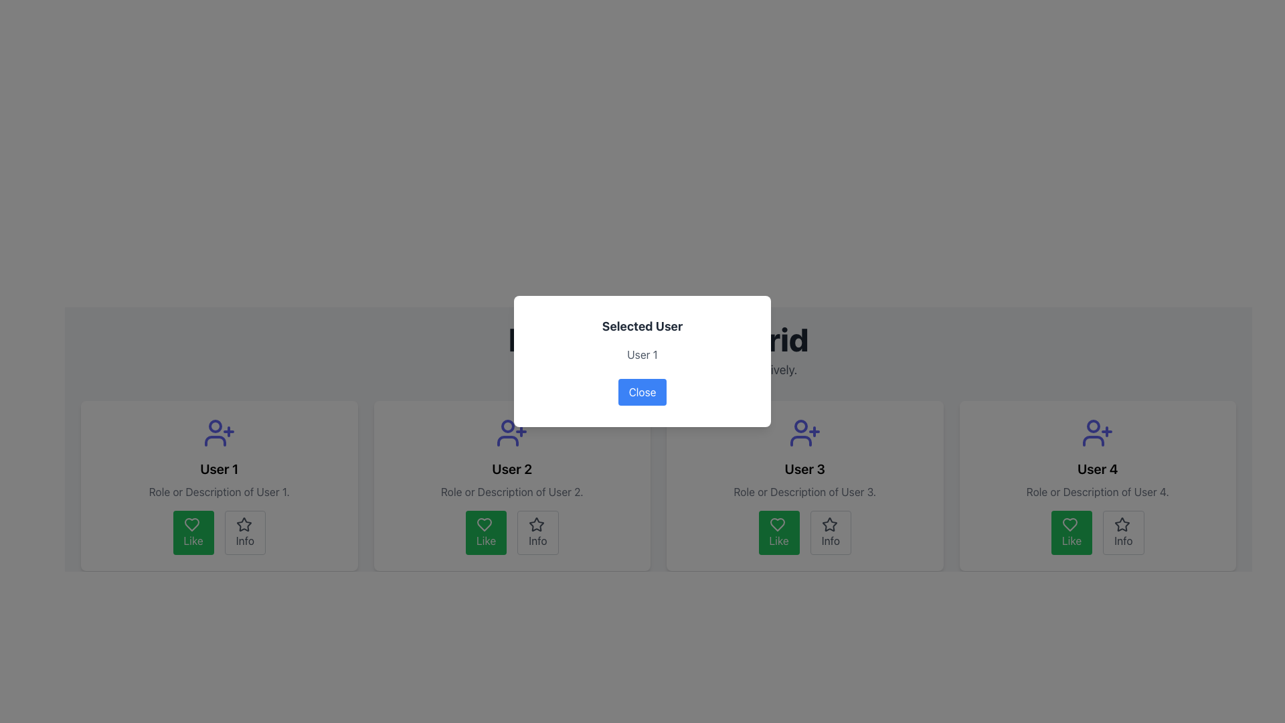 This screenshot has width=1285, height=723. I want to click on the user icon styled as a silhouette of a person with a '+' symbol, located at the center top area of the fourth card for 'User 4', so click(1098, 433).